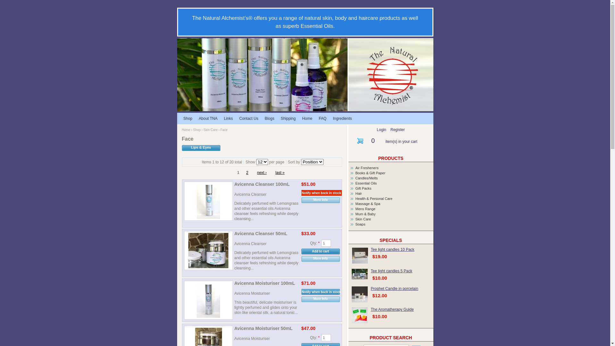  Describe the element at coordinates (181, 148) in the screenshot. I see `'Lips & Eyes'` at that location.